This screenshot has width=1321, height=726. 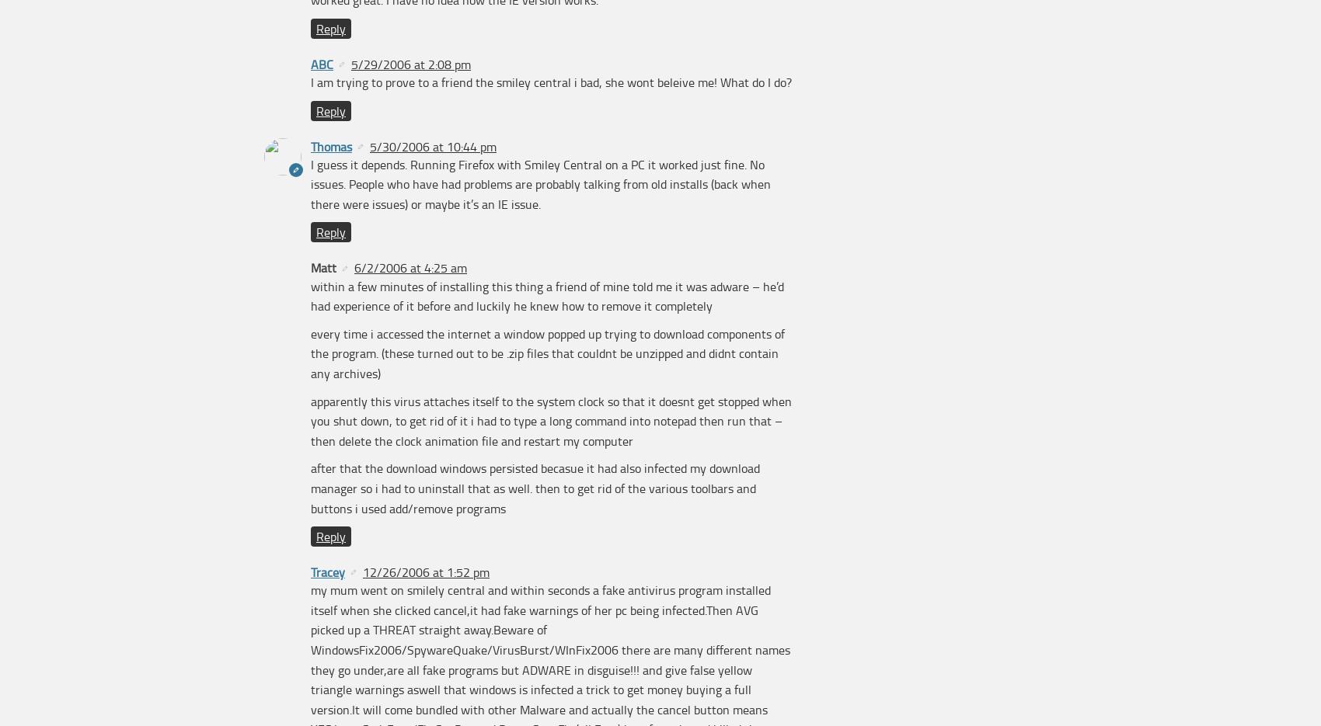 I want to click on 'ABC', so click(x=321, y=63).